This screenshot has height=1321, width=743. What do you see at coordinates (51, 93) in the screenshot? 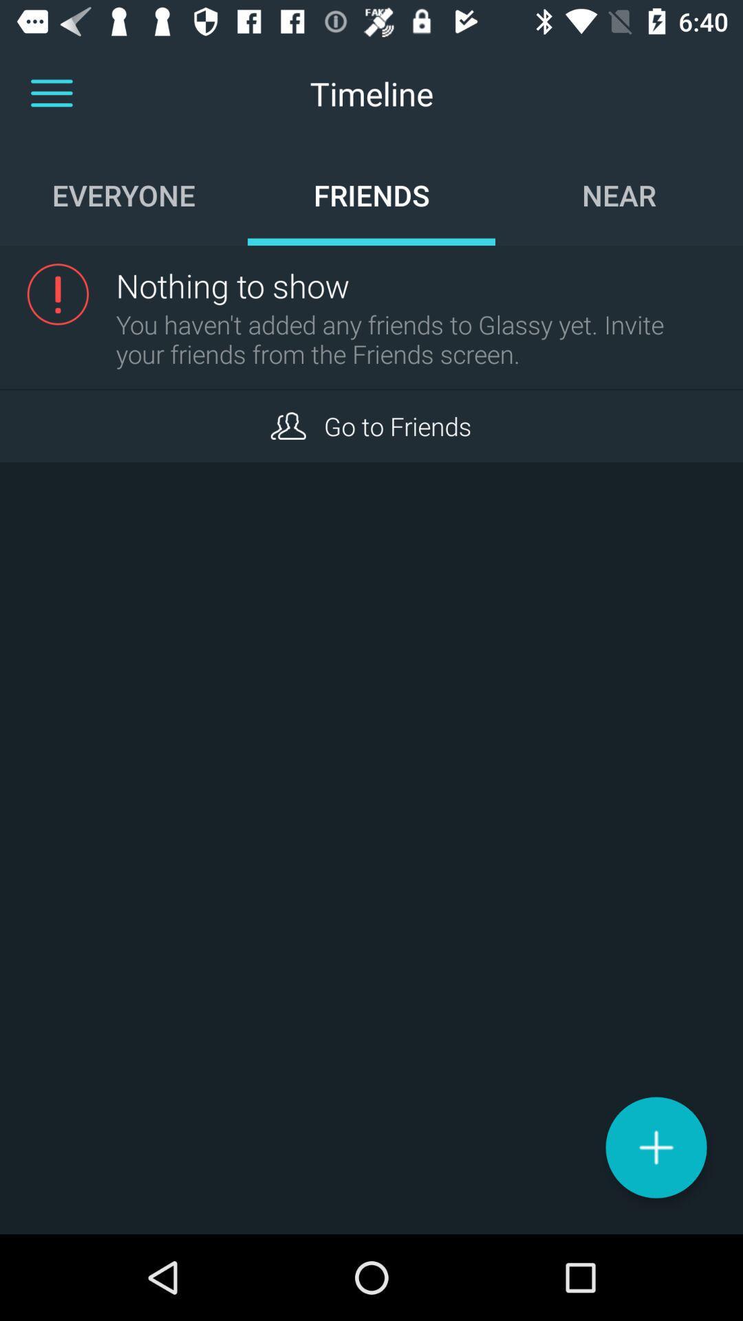
I see `open options menu button` at bounding box center [51, 93].